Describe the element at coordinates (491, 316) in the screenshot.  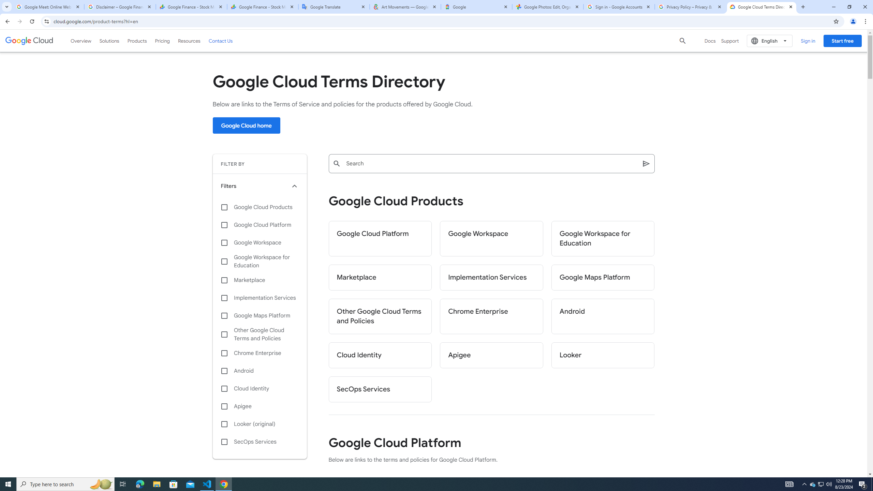
I see `'Chrome Enterprise'` at that location.